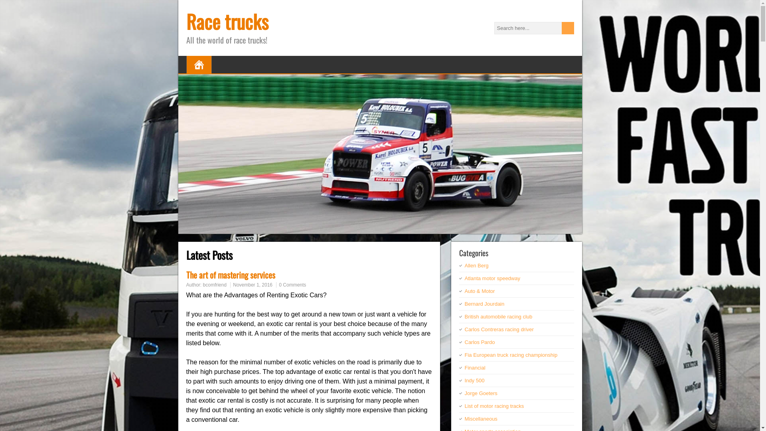 Image resolution: width=766 pixels, height=431 pixels. Describe the element at coordinates (227, 21) in the screenshot. I see `'Race trucks'` at that location.